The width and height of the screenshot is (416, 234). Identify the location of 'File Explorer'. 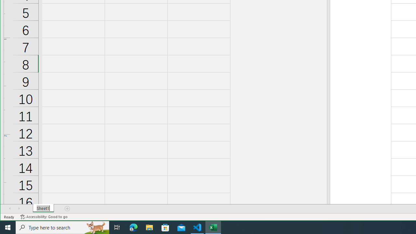
(149, 227).